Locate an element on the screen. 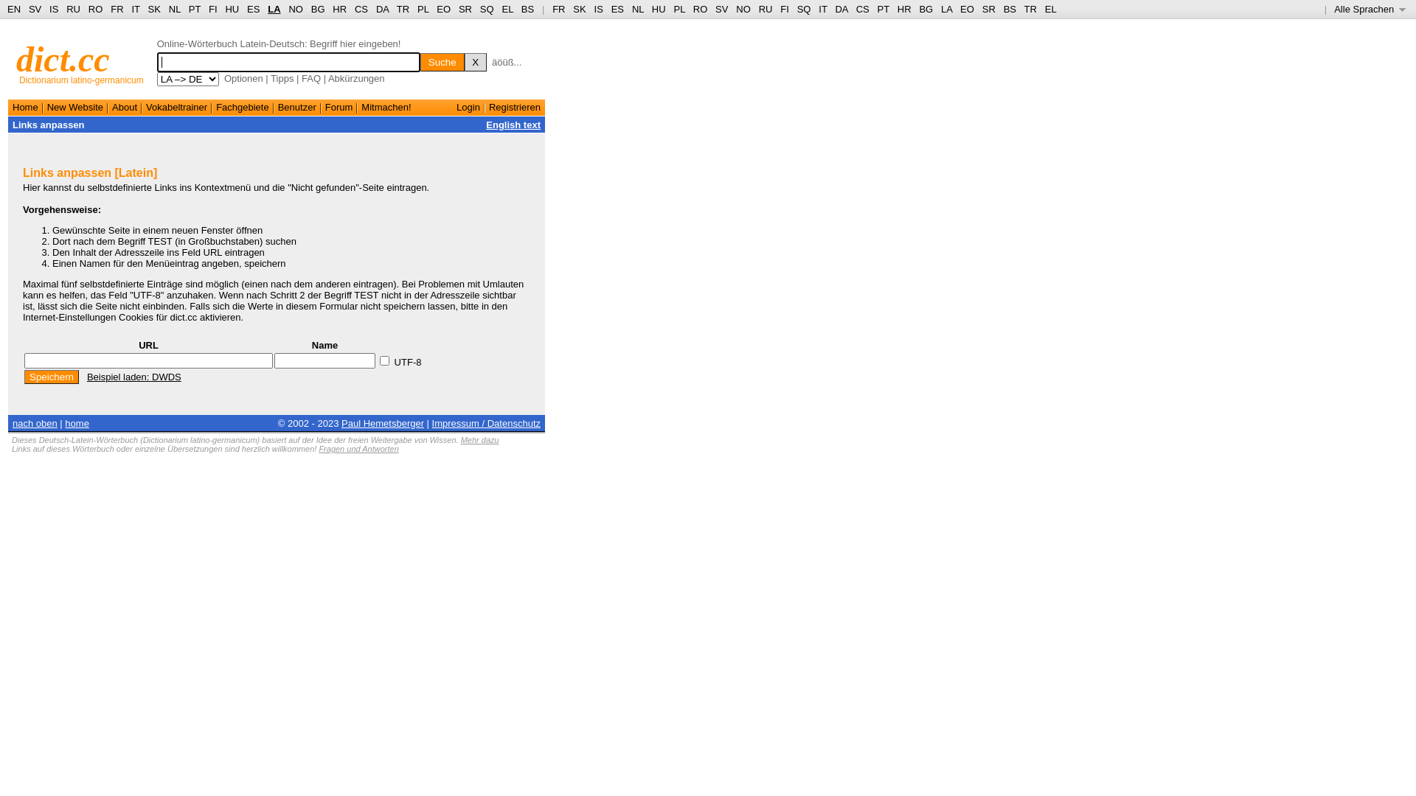 The height and width of the screenshot is (796, 1416). 'home' is located at coordinates (63, 422).